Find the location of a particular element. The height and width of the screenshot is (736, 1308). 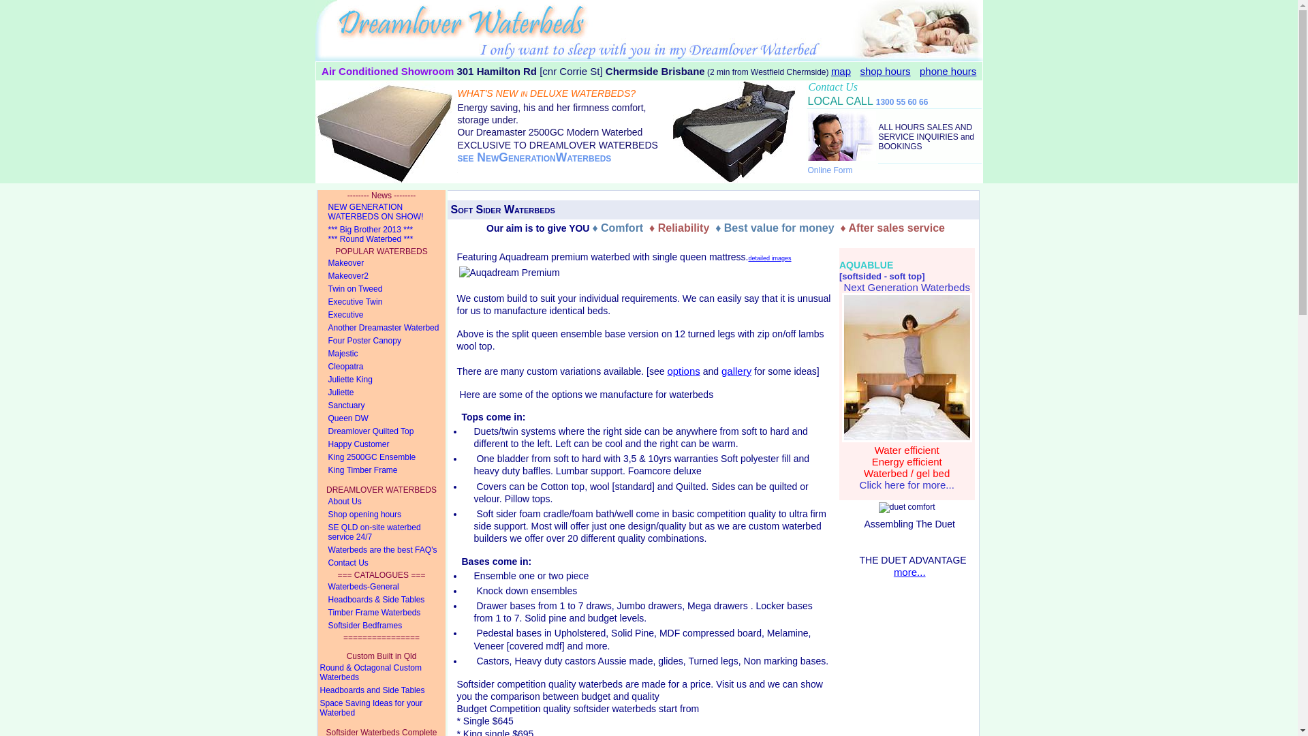

'Happy Customer' is located at coordinates (316, 444).